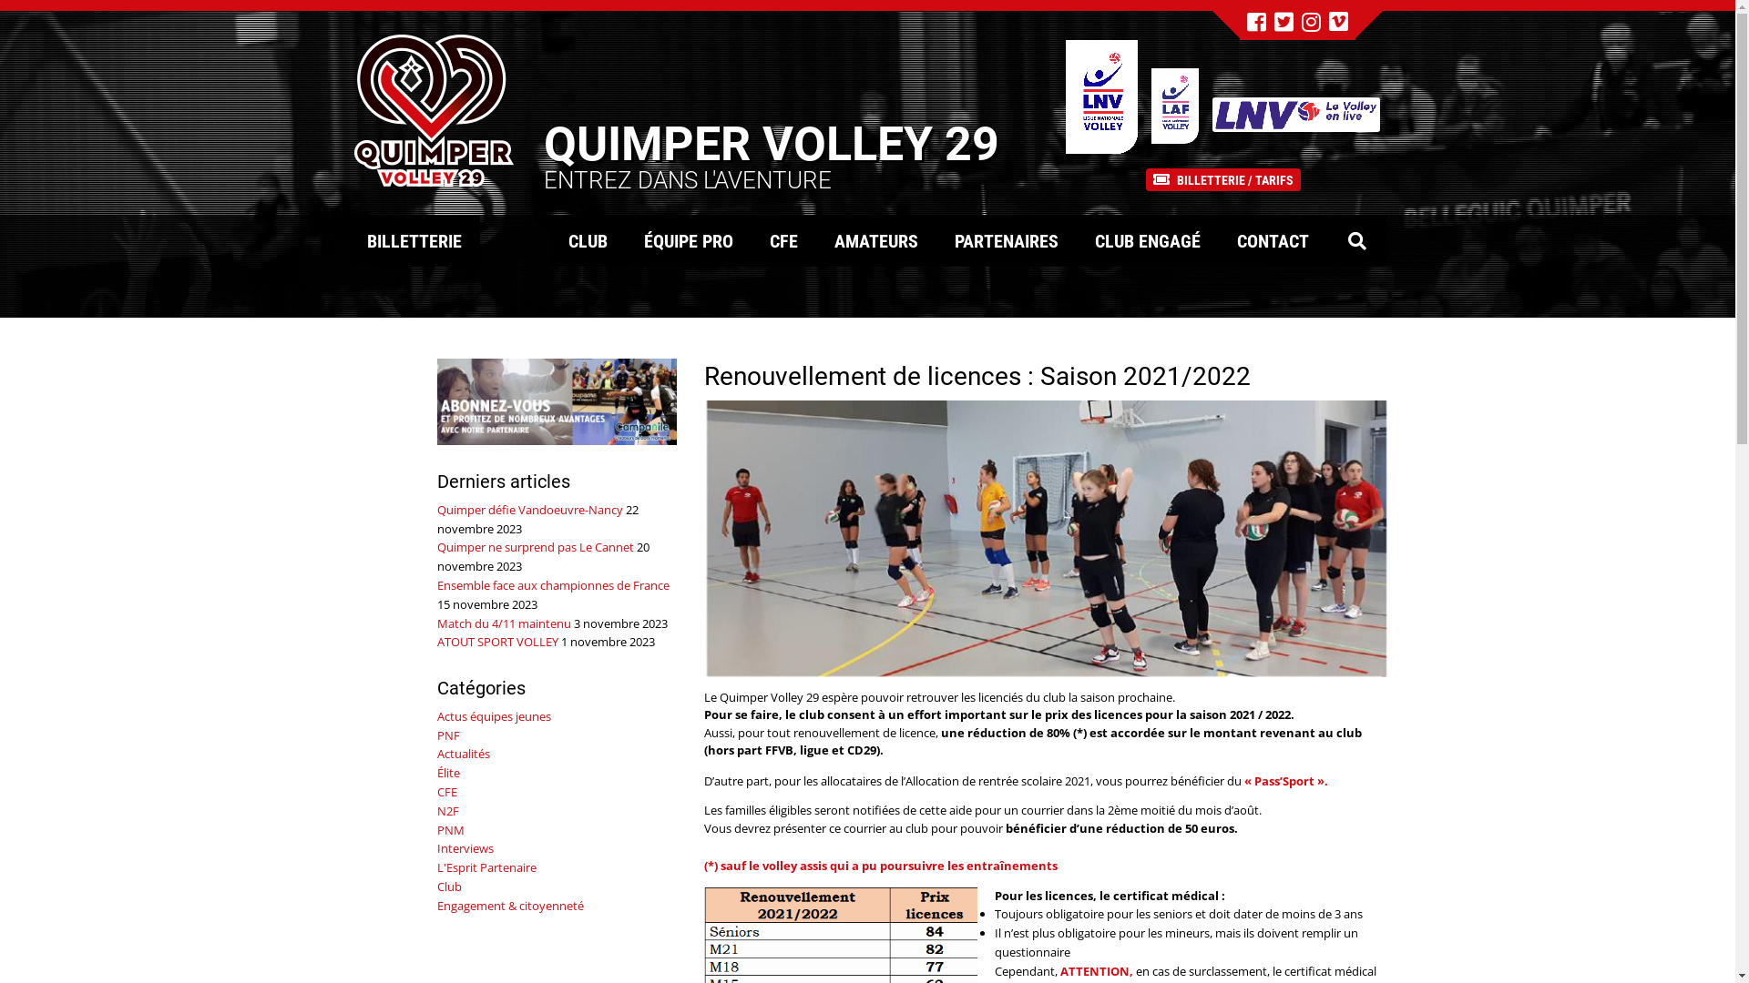 The width and height of the screenshot is (1749, 983). Describe the element at coordinates (437, 546) in the screenshot. I see `'Quimper ne surprend pas Le Cannet'` at that location.